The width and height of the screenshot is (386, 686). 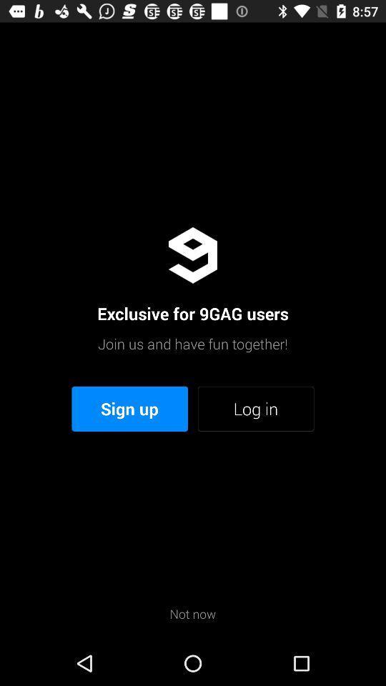 I want to click on the log in item, so click(x=255, y=409).